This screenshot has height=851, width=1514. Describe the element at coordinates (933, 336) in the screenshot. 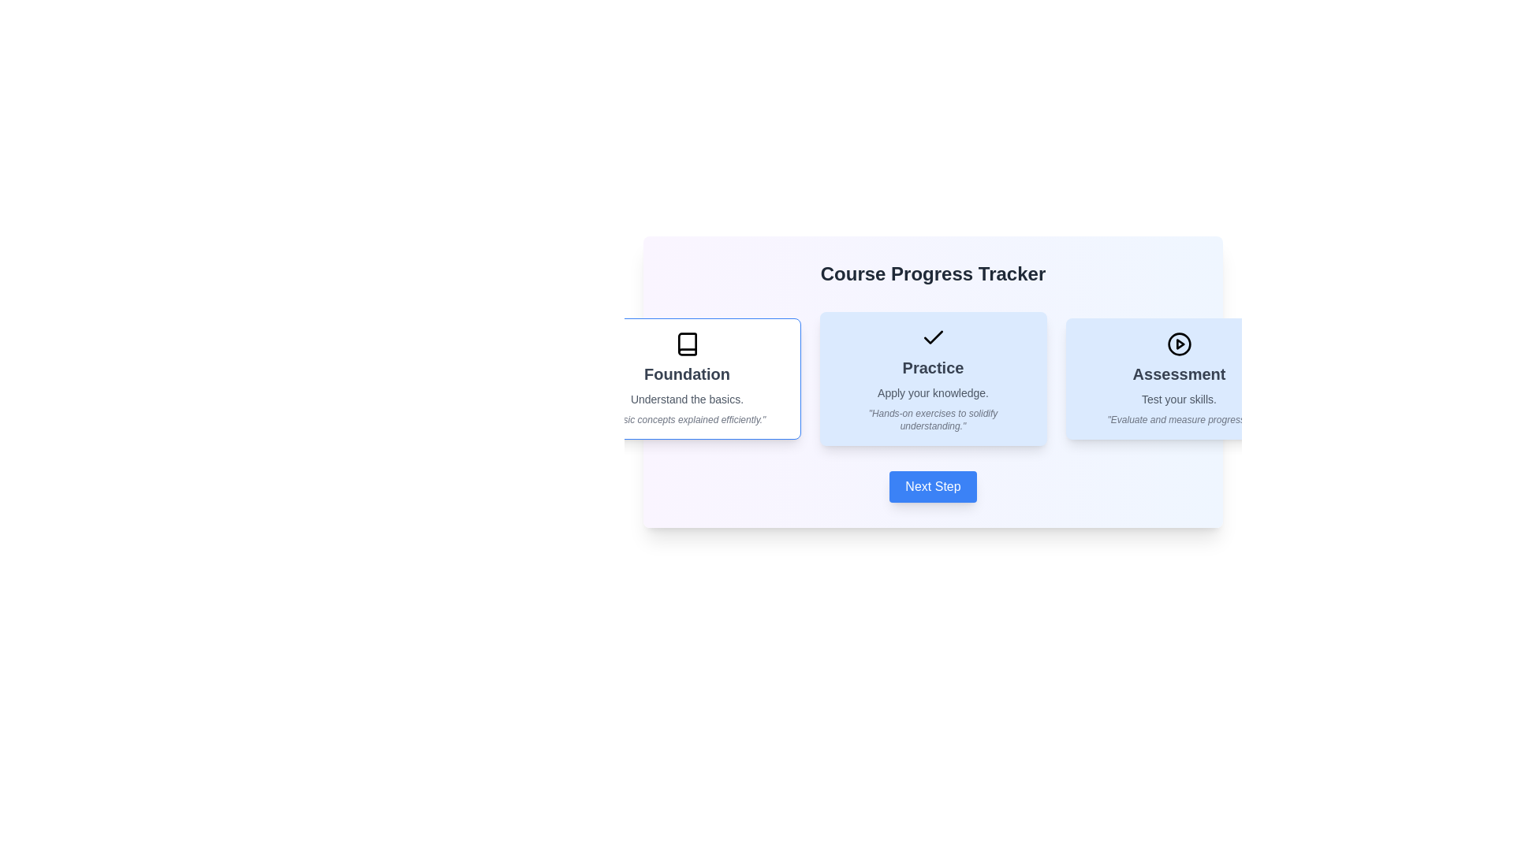

I see `the checkmark icon located at the top center of the second card labeled 'Practice', which indicates a completed or verified action` at that location.